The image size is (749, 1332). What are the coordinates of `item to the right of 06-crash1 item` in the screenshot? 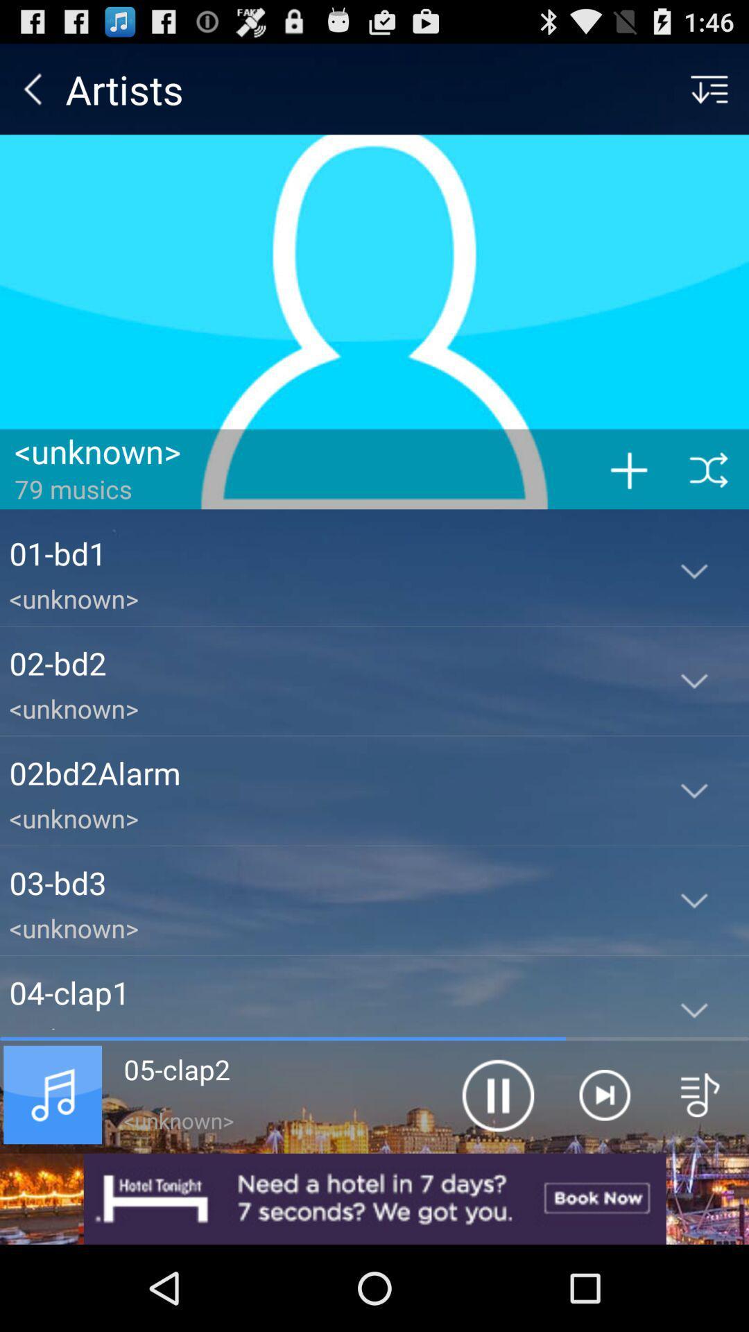 It's located at (497, 1094).